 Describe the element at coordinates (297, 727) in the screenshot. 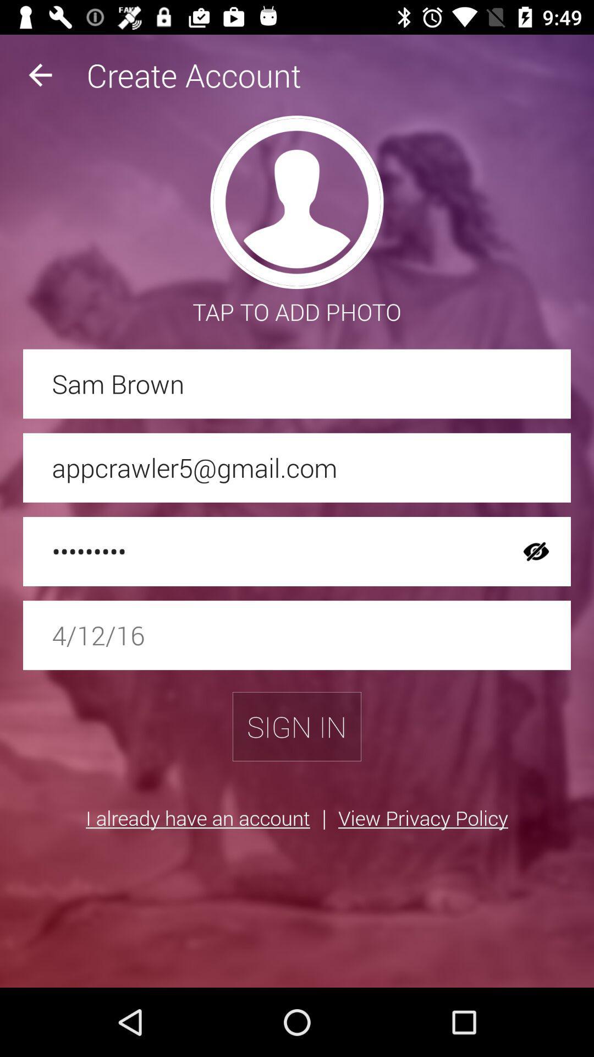

I see `item above i already have` at that location.